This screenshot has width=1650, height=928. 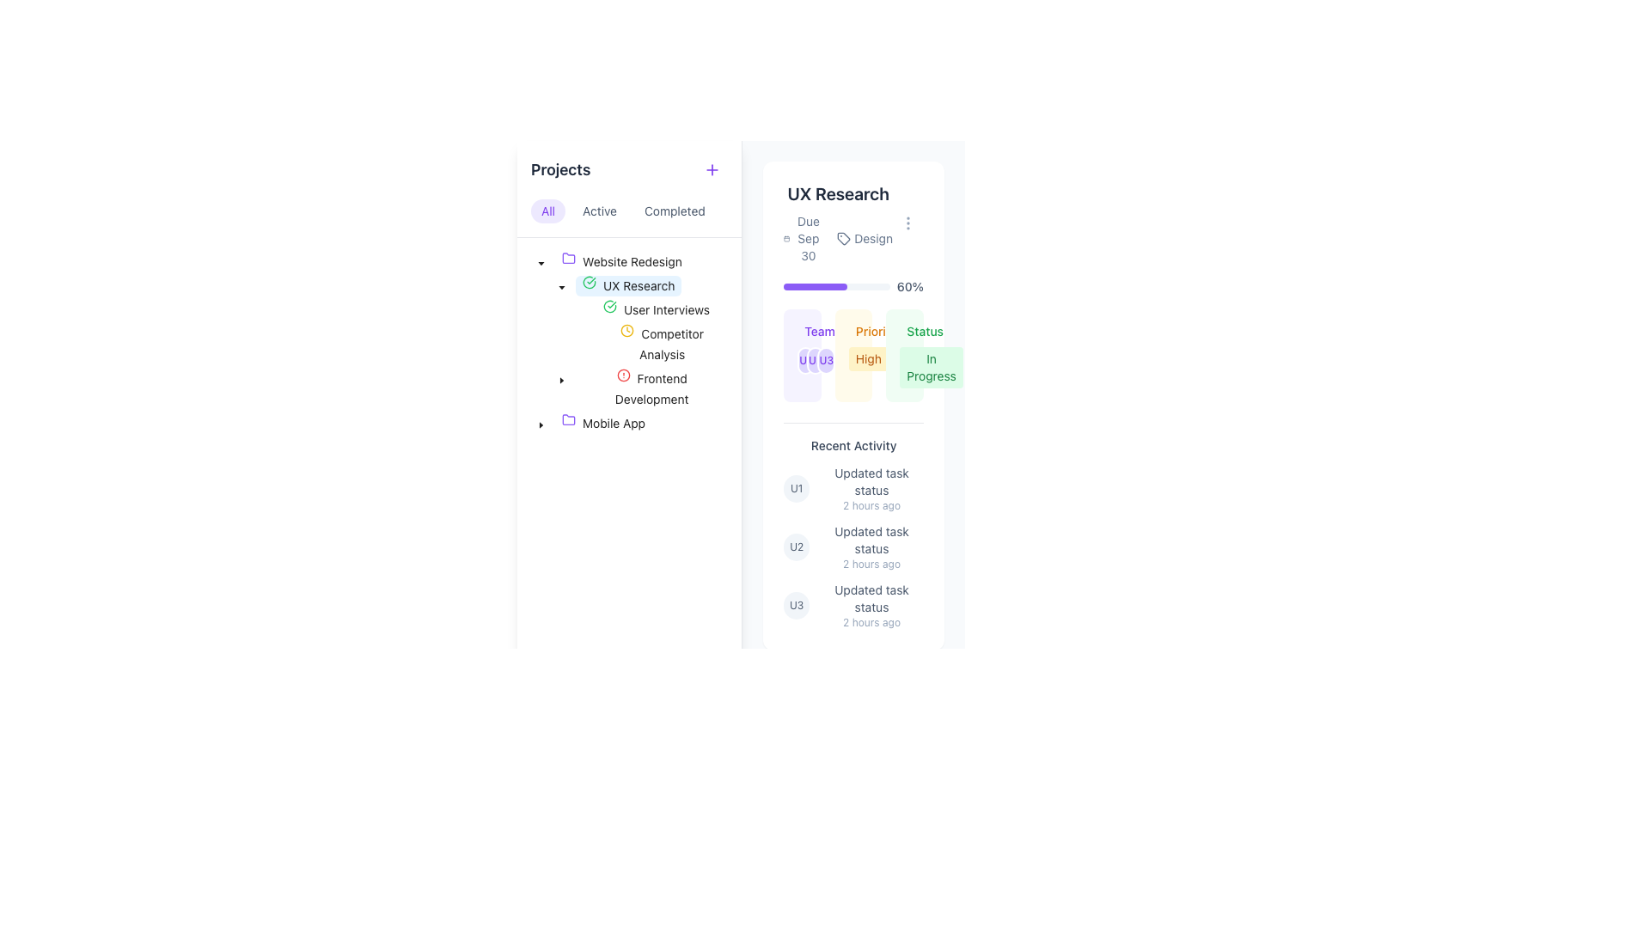 I want to click on the static text label indicating the time that has passed since the associated action took place, located in the recent activities section below the 'Updated task status' text of the first activity entry, so click(x=871, y=505).